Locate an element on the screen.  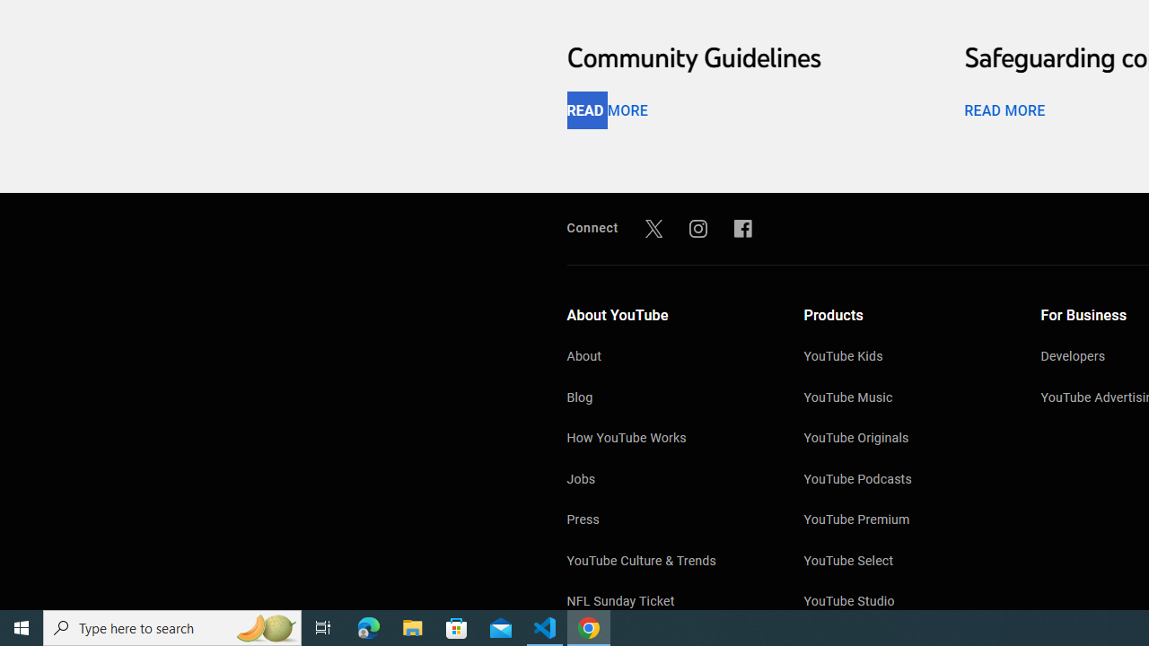
'Blog' is located at coordinates (666, 397).